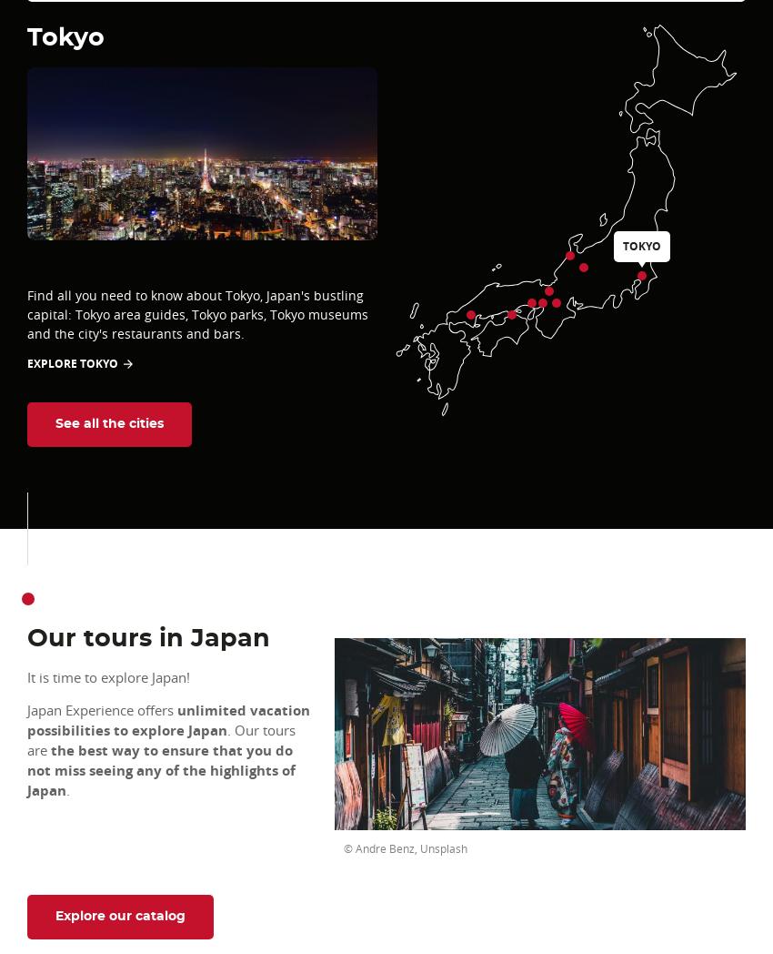 The image size is (773, 954). Describe the element at coordinates (120, 917) in the screenshot. I see `'Explore our catalog'` at that location.